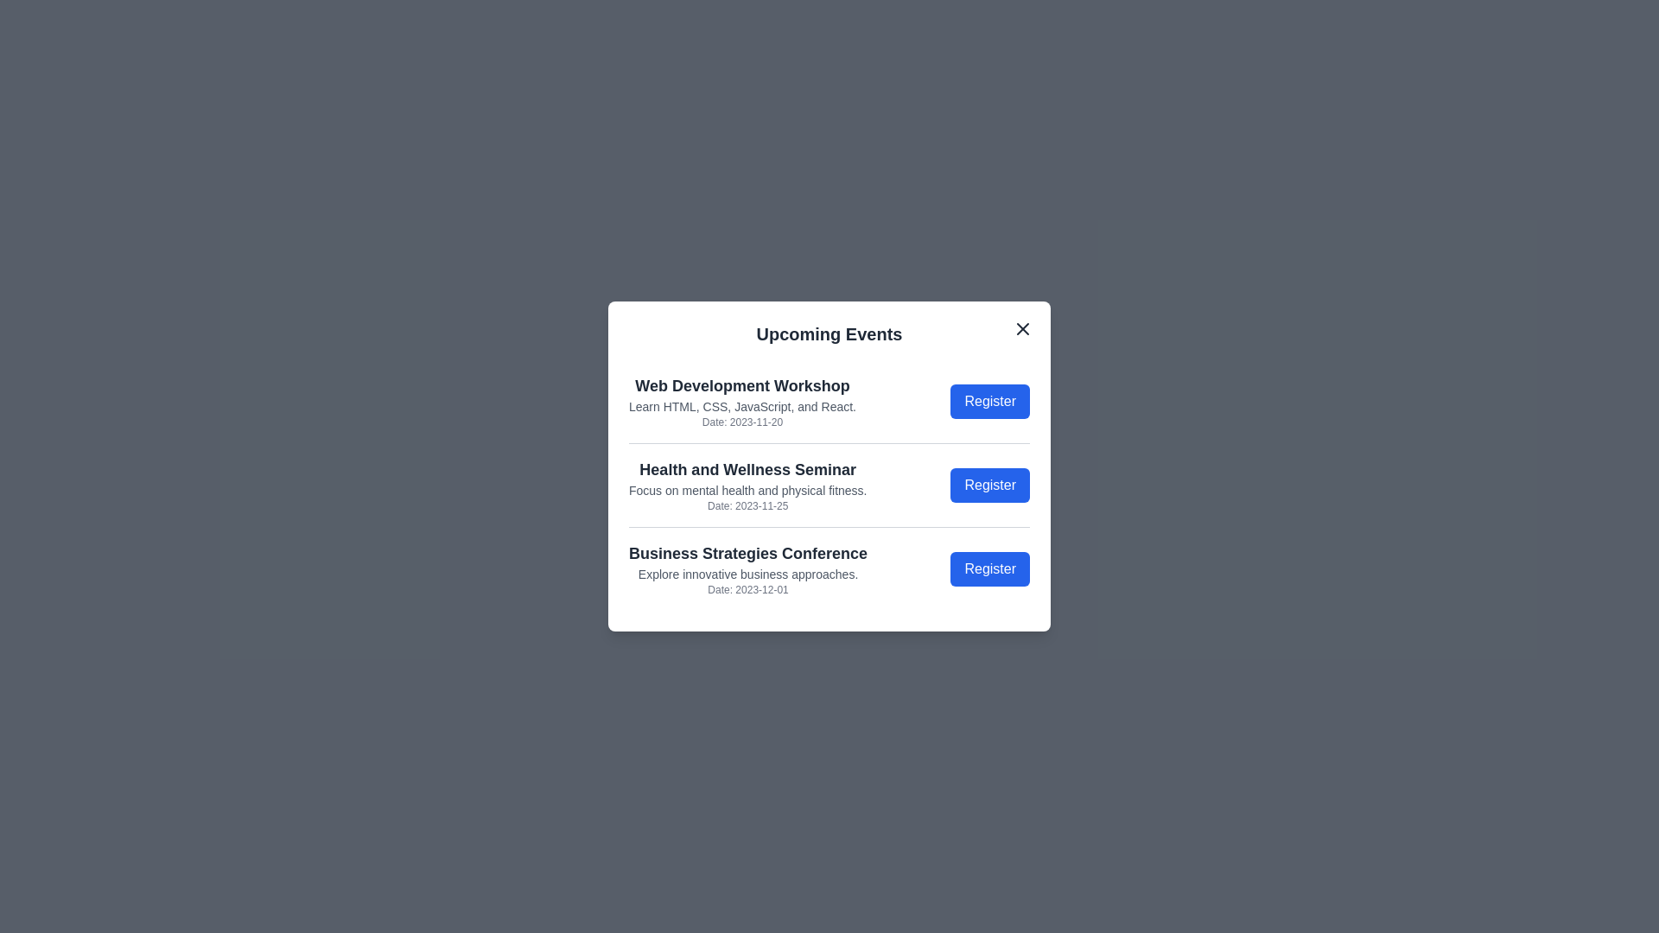 The width and height of the screenshot is (1659, 933). What do you see at coordinates (1023, 329) in the screenshot?
I see `close button located at the top-right corner of the dialog` at bounding box center [1023, 329].